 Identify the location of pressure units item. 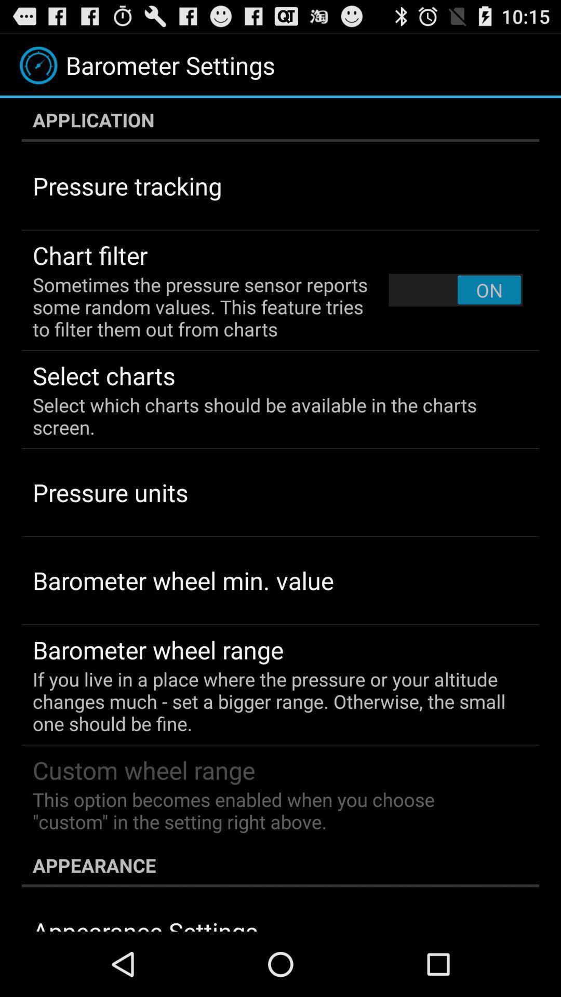
(110, 492).